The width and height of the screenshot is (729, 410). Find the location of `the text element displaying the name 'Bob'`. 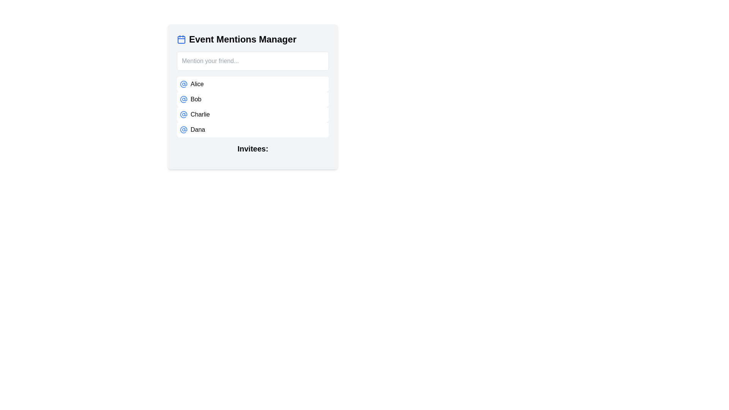

the text element displaying the name 'Bob' is located at coordinates (196, 99).